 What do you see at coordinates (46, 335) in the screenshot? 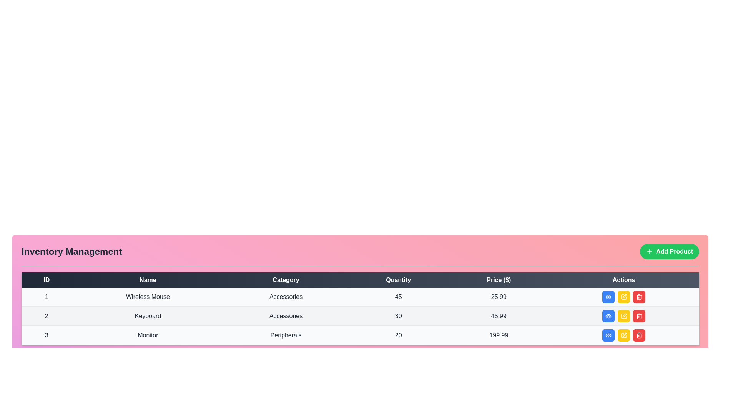
I see `text content of the identifier in the first column of the third row in the table, which represents a unique identifier associated with the data` at bounding box center [46, 335].